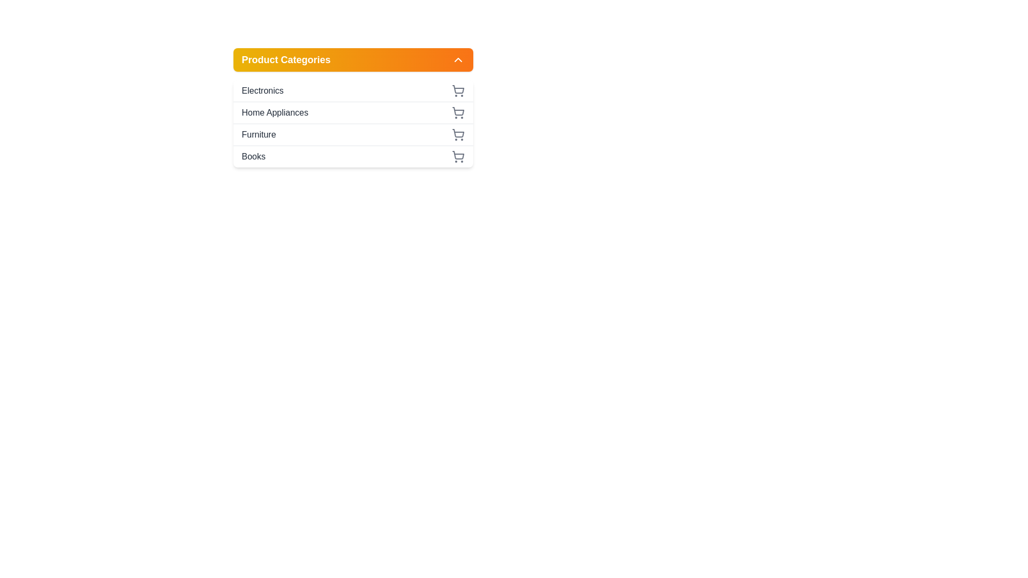  Describe the element at coordinates (253, 157) in the screenshot. I see `text from the 'Books' category label located in the last row of the 'Product Categories' list, positioned to the left of the shopping cart icon` at that location.